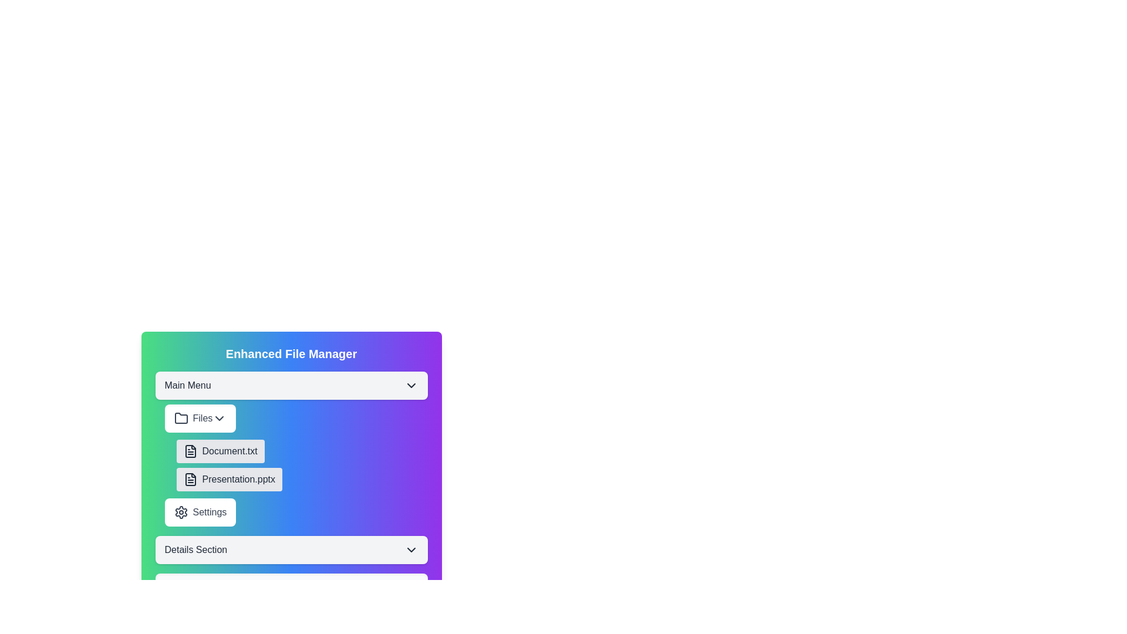 Image resolution: width=1127 pixels, height=634 pixels. Describe the element at coordinates (411, 550) in the screenshot. I see `the dropdown toggle icon located at the far-right of the 'Details Section'` at that location.